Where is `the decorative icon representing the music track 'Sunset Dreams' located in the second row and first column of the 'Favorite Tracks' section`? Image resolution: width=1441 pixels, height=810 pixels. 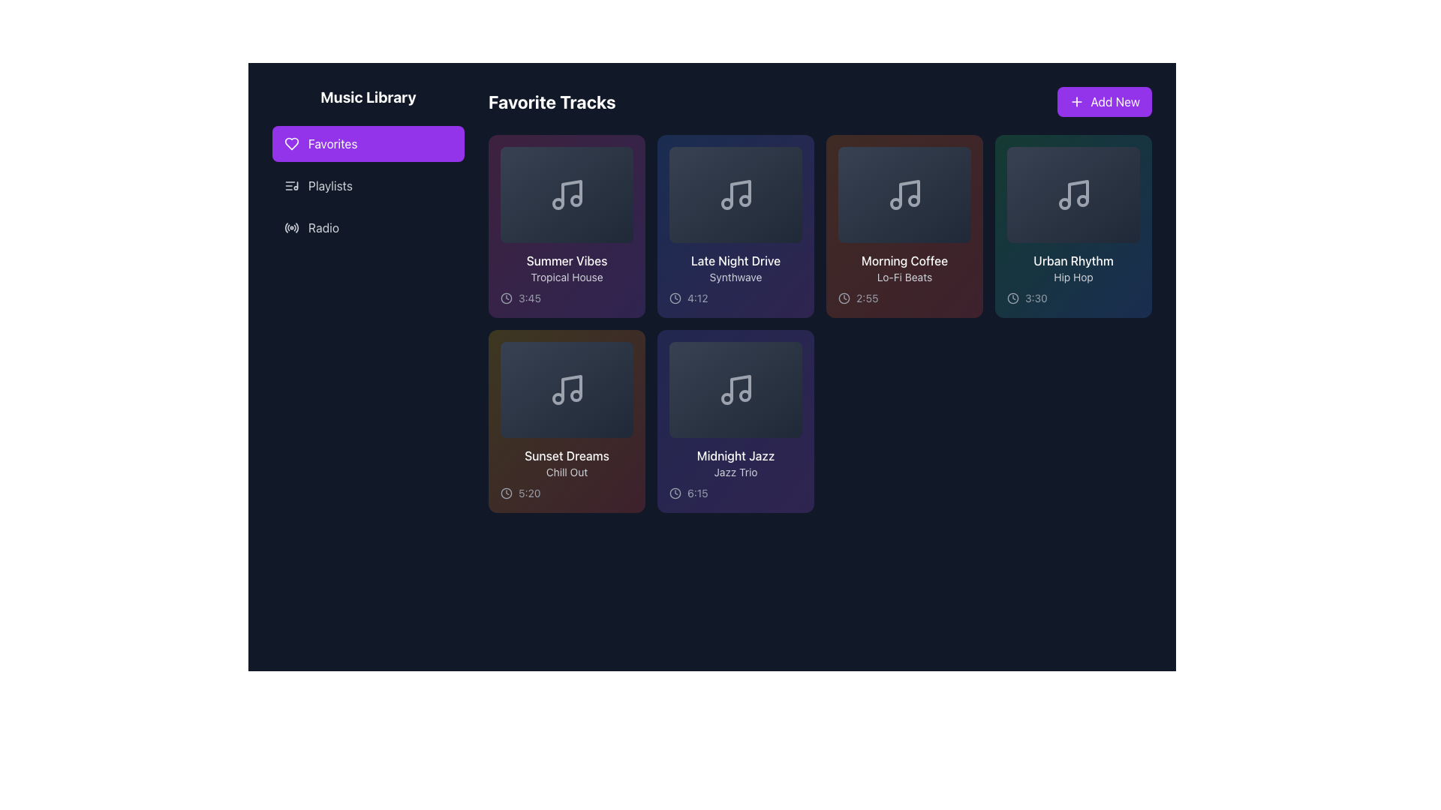
the decorative icon representing the music track 'Sunset Dreams' located in the second row and first column of the 'Favorite Tracks' section is located at coordinates (566, 389).